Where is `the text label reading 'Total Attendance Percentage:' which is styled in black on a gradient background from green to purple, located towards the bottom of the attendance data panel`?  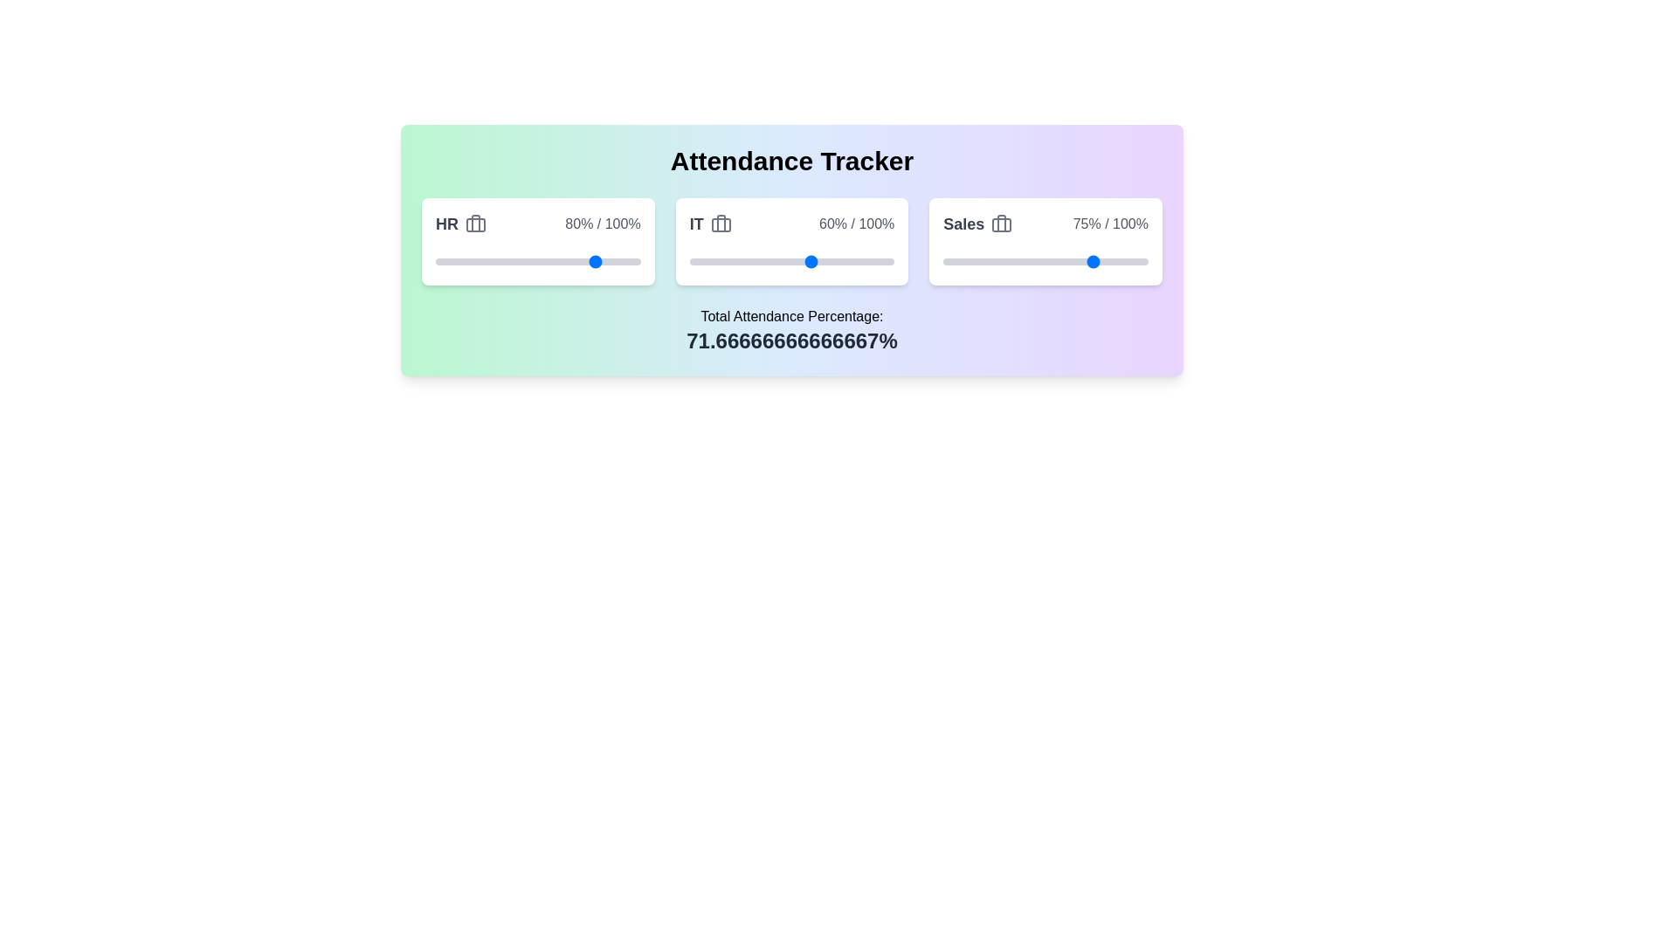 the text label reading 'Total Attendance Percentage:' which is styled in black on a gradient background from green to purple, located towards the bottom of the attendance data panel is located at coordinates (791, 316).